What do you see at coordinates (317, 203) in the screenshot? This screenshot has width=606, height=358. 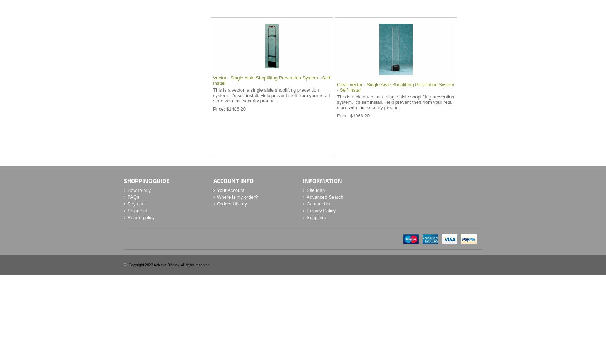 I see `'Contact Us'` at bounding box center [317, 203].